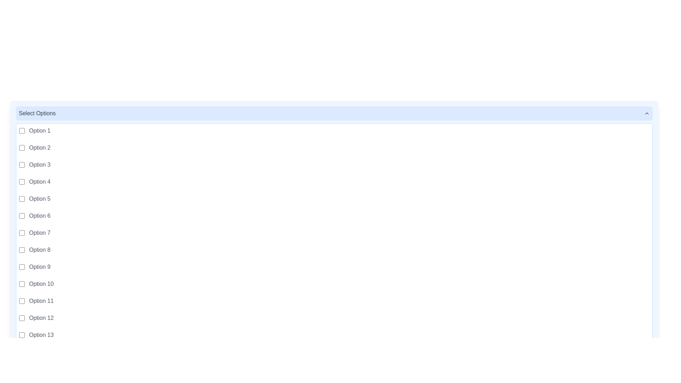 This screenshot has width=681, height=383. I want to click on the unselected checkbox labeled 'Option 8', so click(22, 250).